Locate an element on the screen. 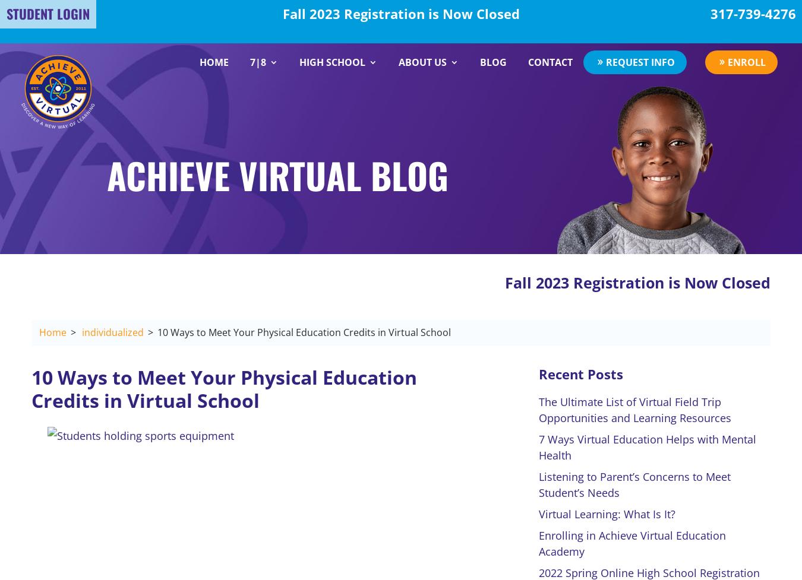  'What to Expect' is located at coordinates (297, 129).